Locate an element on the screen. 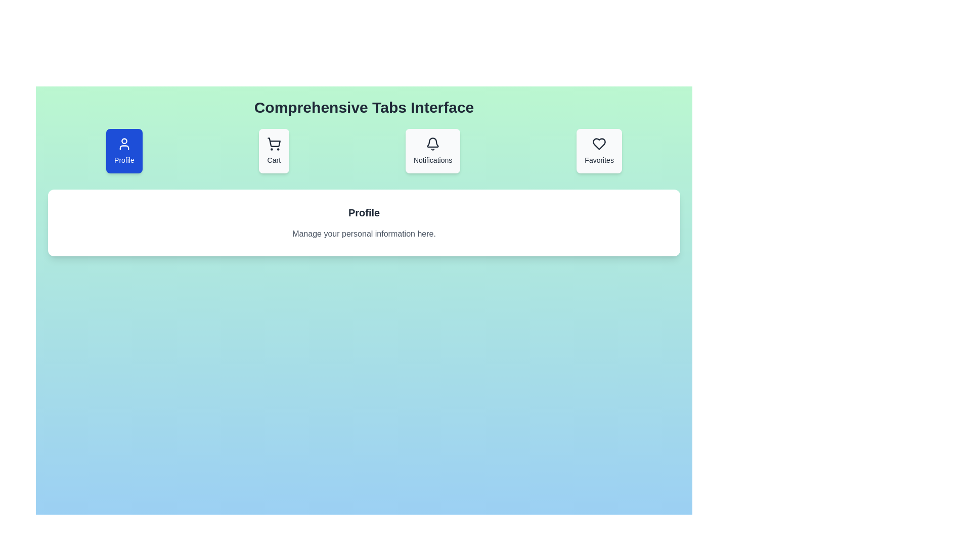  the text label displaying 'Profile' styled in a small sans-serif font, which is white against a blue background and located at the bottom center of the interactive card is located at coordinates (123, 159).